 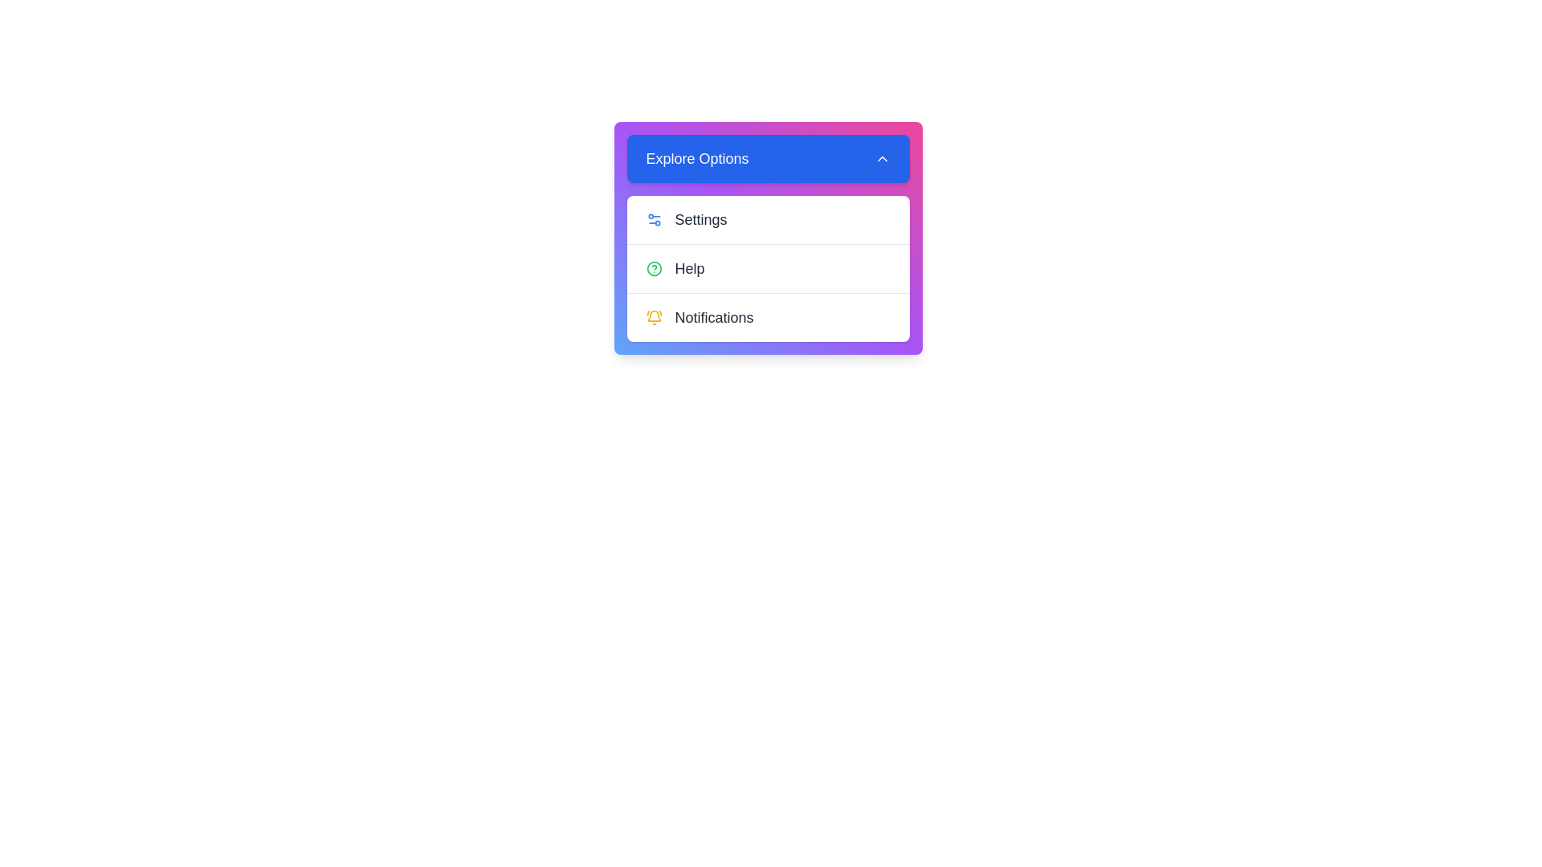 I want to click on the menu item Settings, so click(x=767, y=219).